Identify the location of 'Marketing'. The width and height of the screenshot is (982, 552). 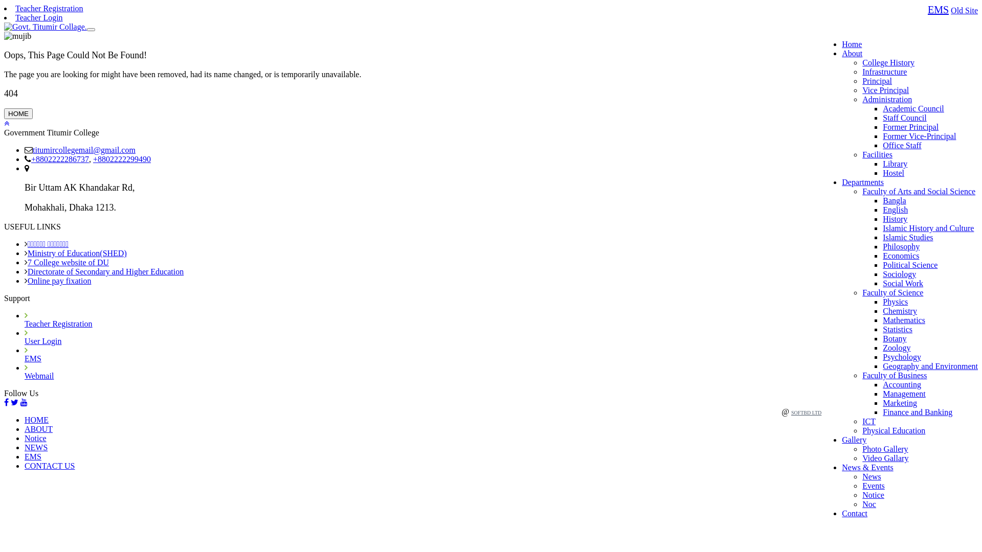
(899, 402).